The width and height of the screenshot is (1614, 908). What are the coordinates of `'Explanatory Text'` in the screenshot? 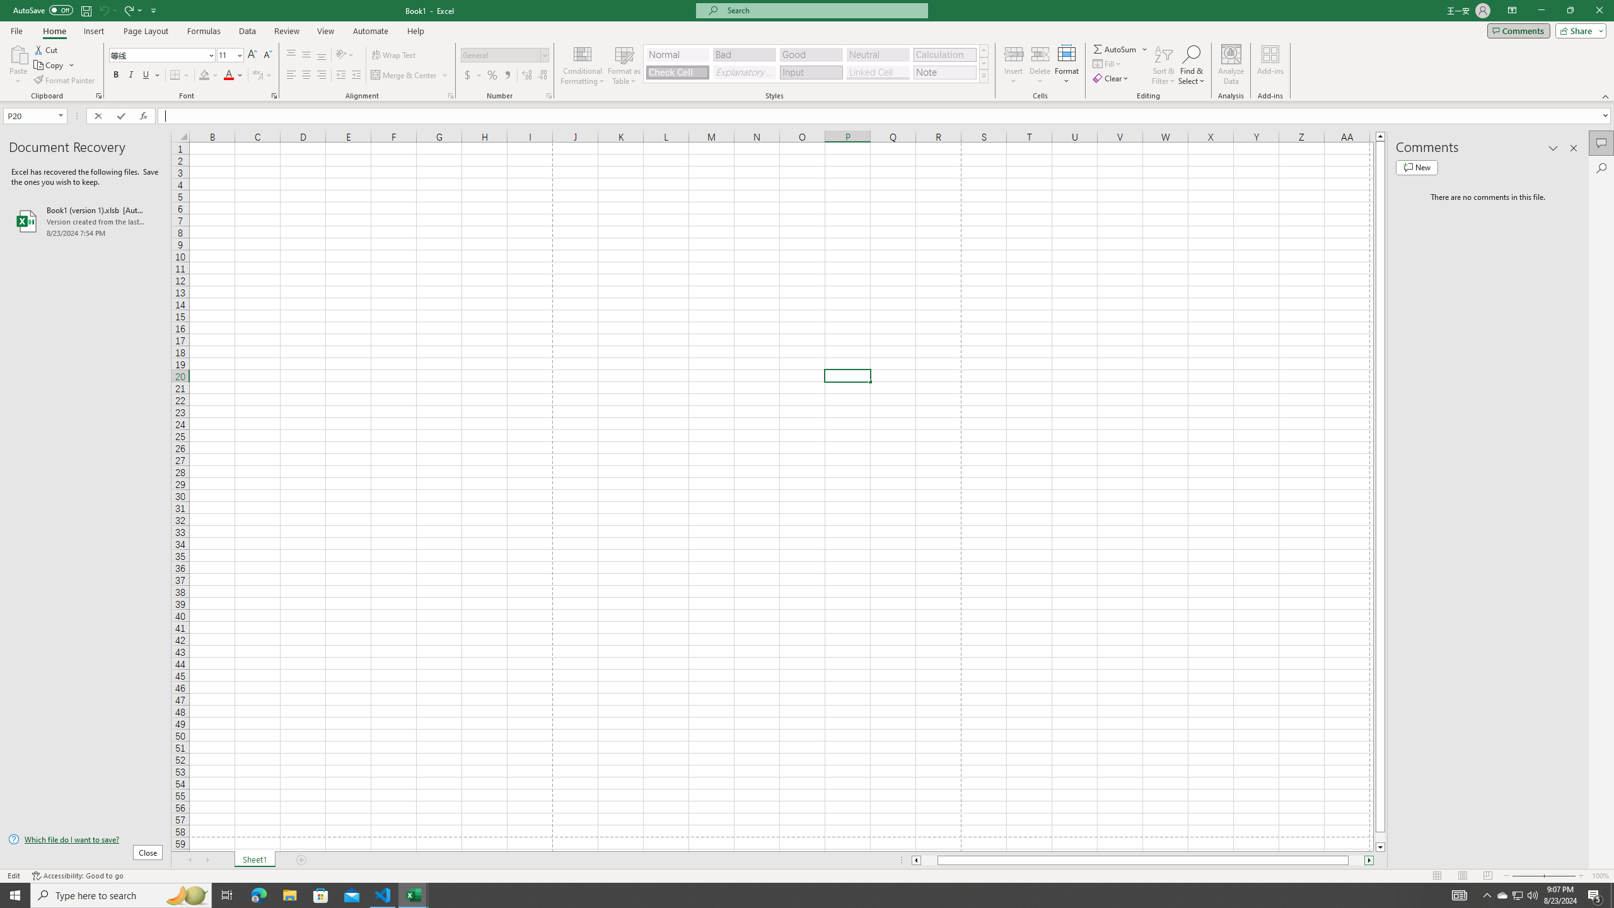 It's located at (745, 72).